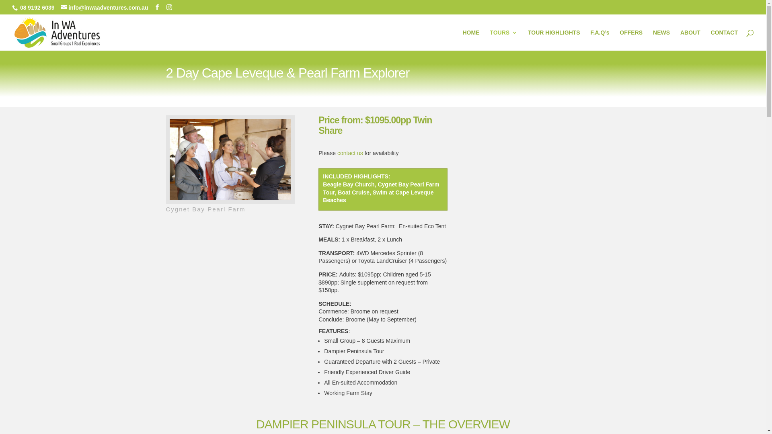 This screenshot has width=772, height=434. I want to click on 'Cygnet Bay Pearl Farm Tour', so click(380, 188).